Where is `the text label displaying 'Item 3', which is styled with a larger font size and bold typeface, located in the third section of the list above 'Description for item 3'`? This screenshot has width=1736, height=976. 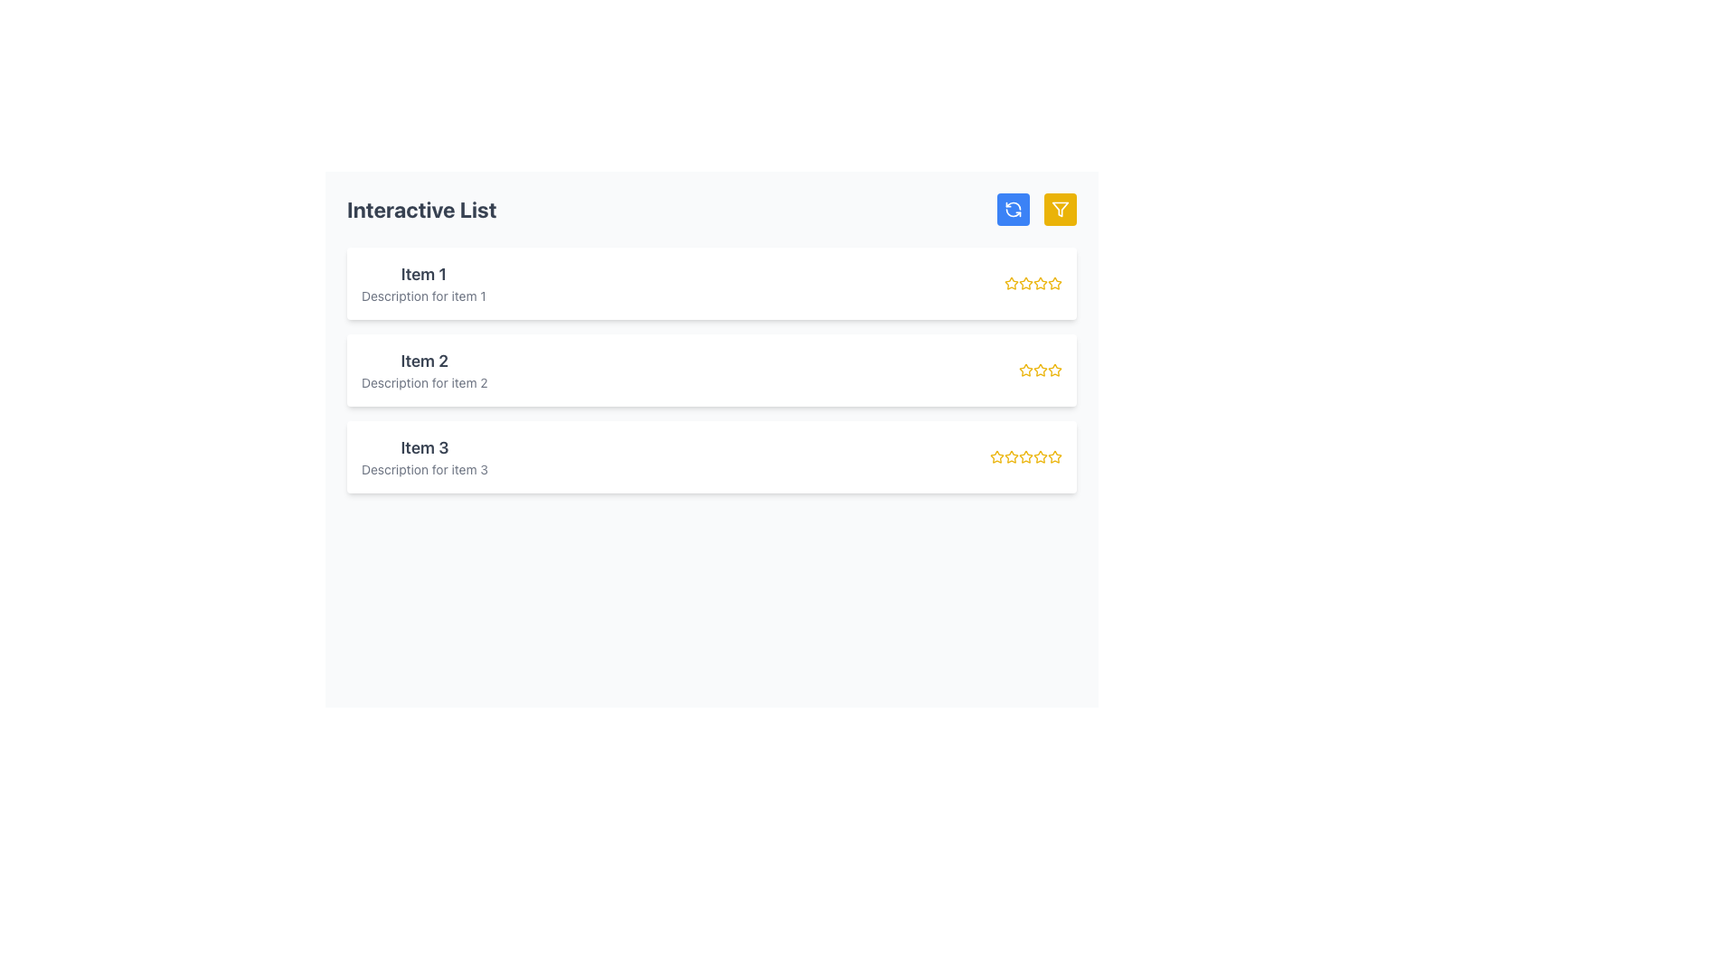
the text label displaying 'Item 3', which is styled with a larger font size and bold typeface, located in the third section of the list above 'Description for item 3' is located at coordinates (424, 447).